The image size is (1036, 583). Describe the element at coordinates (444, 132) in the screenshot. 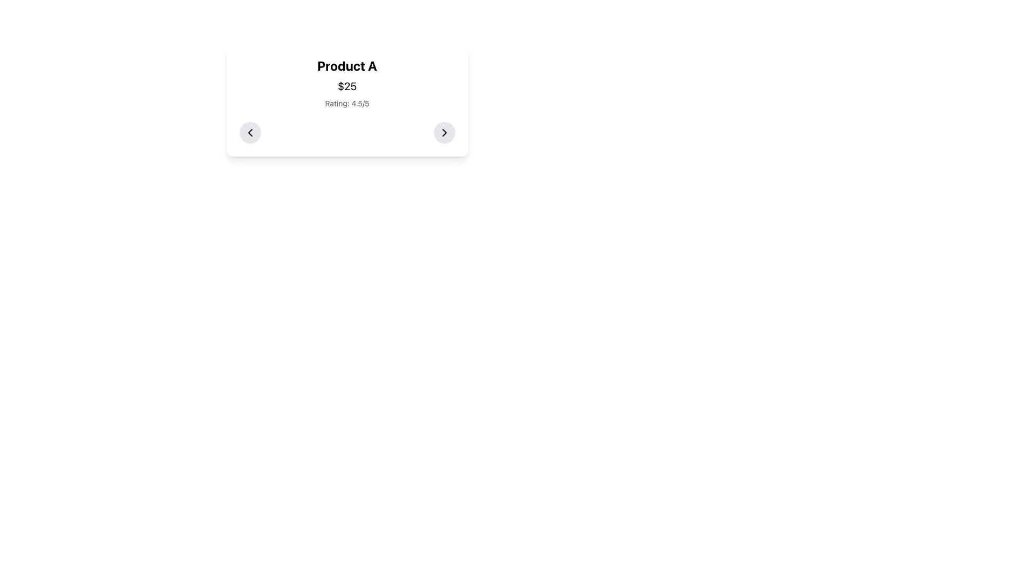

I see `the arrow icon located at the far-right side of the card component containing 'Product A'` at that location.